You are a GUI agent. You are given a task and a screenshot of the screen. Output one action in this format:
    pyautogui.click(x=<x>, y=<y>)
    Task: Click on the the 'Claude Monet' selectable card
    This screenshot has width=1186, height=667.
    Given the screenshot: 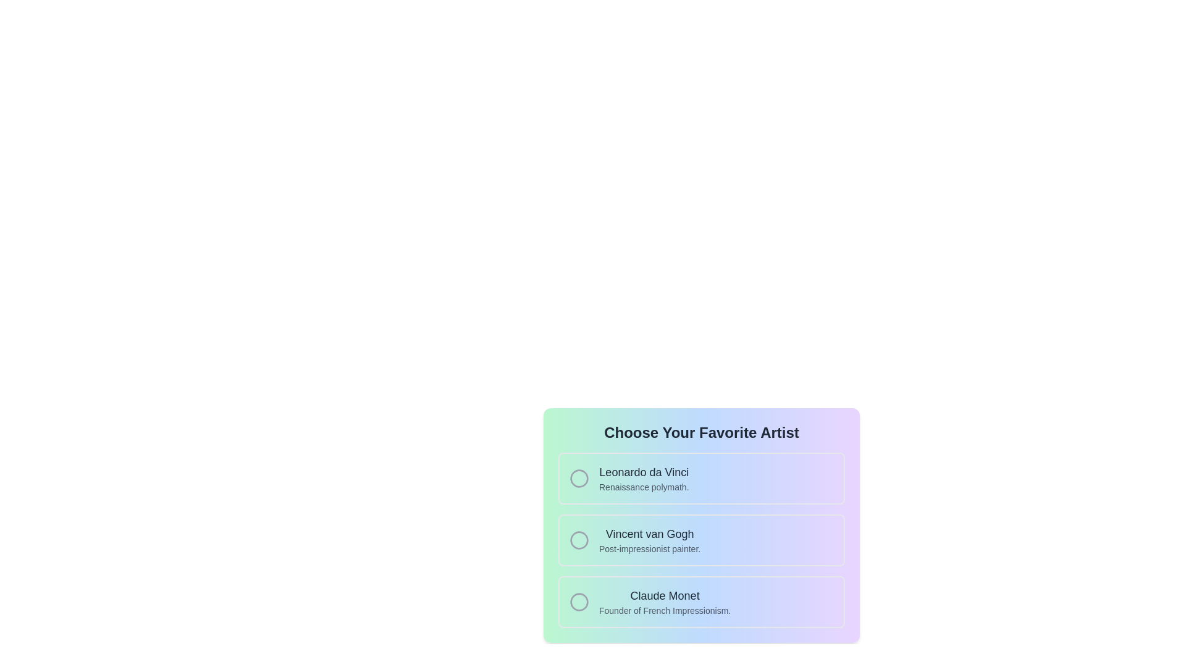 What is the action you would take?
    pyautogui.click(x=702, y=602)
    